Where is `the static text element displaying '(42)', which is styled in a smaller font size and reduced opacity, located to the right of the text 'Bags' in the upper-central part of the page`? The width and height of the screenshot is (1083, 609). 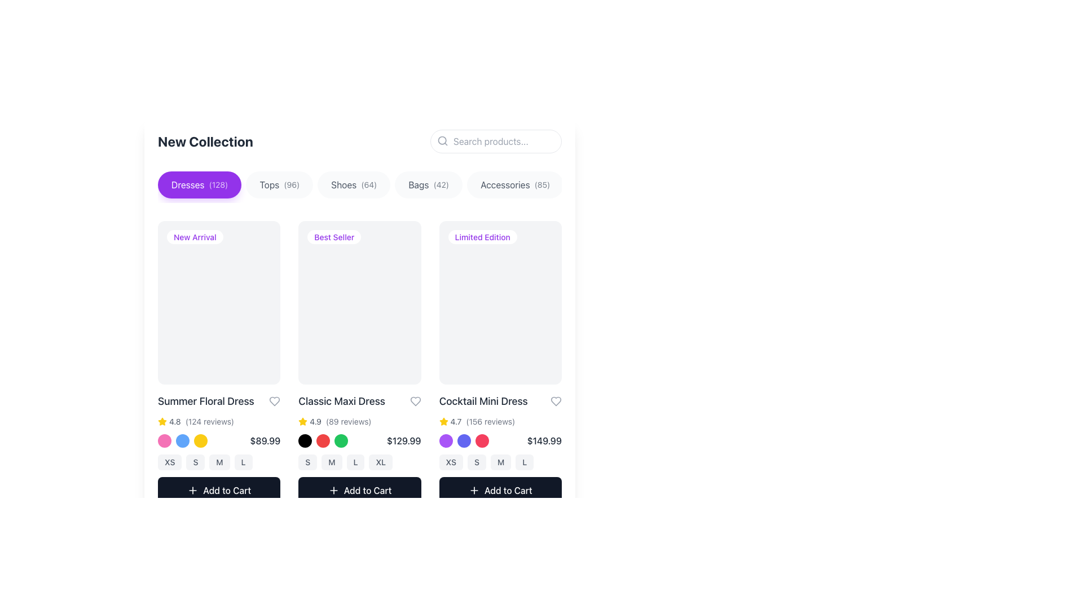 the static text element displaying '(42)', which is styled in a smaller font size and reduced opacity, located to the right of the text 'Bags' in the upper-central part of the page is located at coordinates (441, 184).